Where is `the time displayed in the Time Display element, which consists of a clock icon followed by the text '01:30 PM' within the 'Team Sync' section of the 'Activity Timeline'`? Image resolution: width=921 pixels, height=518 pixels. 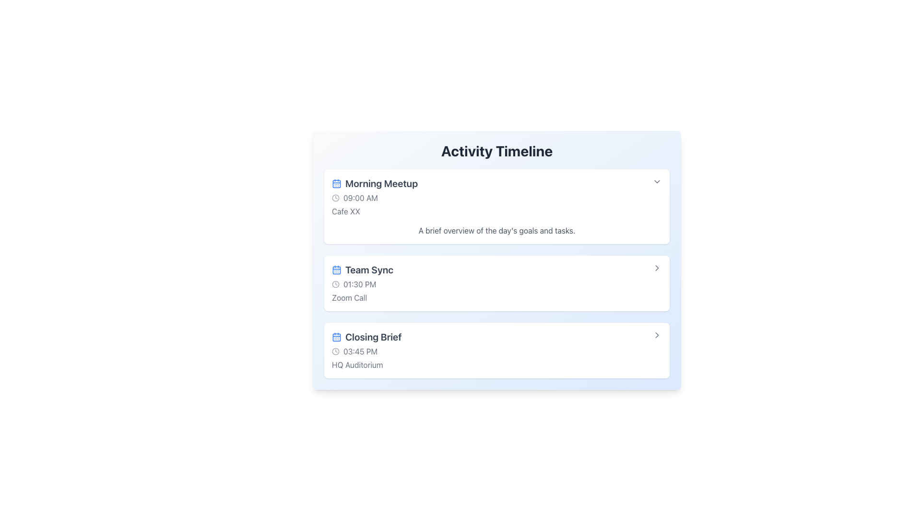
the time displayed in the Time Display element, which consists of a clock icon followed by the text '01:30 PM' within the 'Team Sync' section of the 'Activity Timeline' is located at coordinates (362, 284).